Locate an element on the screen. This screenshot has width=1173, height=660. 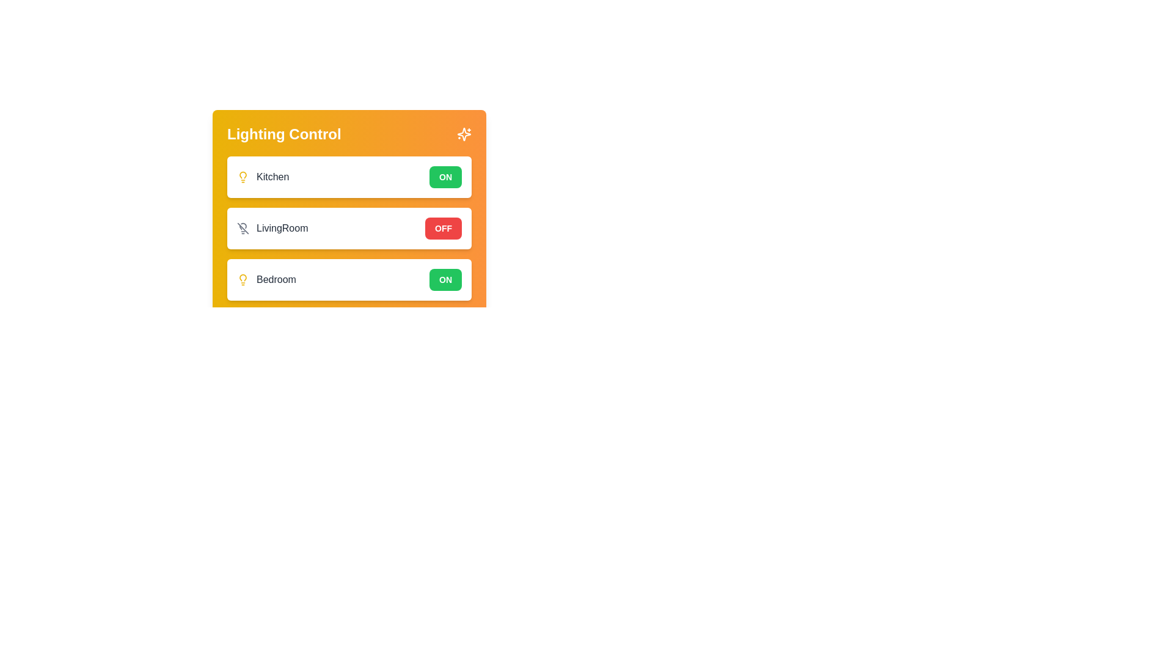
the sparkle icon in the header of the LightingControlPanel component is located at coordinates (463, 134).